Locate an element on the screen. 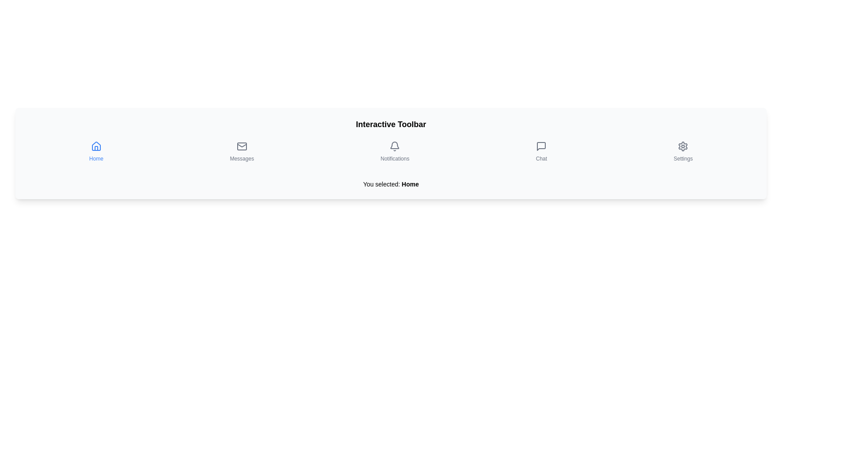 The height and width of the screenshot is (475, 845). the bell icon in the Notifications button is located at coordinates (394, 146).